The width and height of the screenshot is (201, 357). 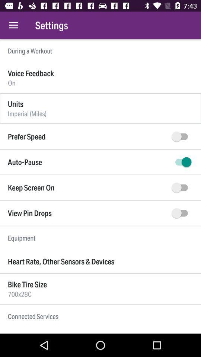 What do you see at coordinates (181, 187) in the screenshot?
I see `turn-off keepscreen on` at bounding box center [181, 187].